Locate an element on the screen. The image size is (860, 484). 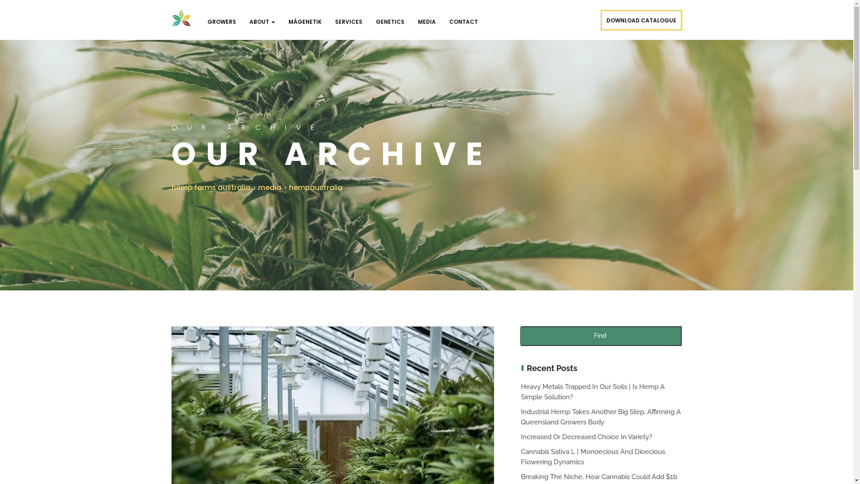
'ABOUT' is located at coordinates (262, 22).